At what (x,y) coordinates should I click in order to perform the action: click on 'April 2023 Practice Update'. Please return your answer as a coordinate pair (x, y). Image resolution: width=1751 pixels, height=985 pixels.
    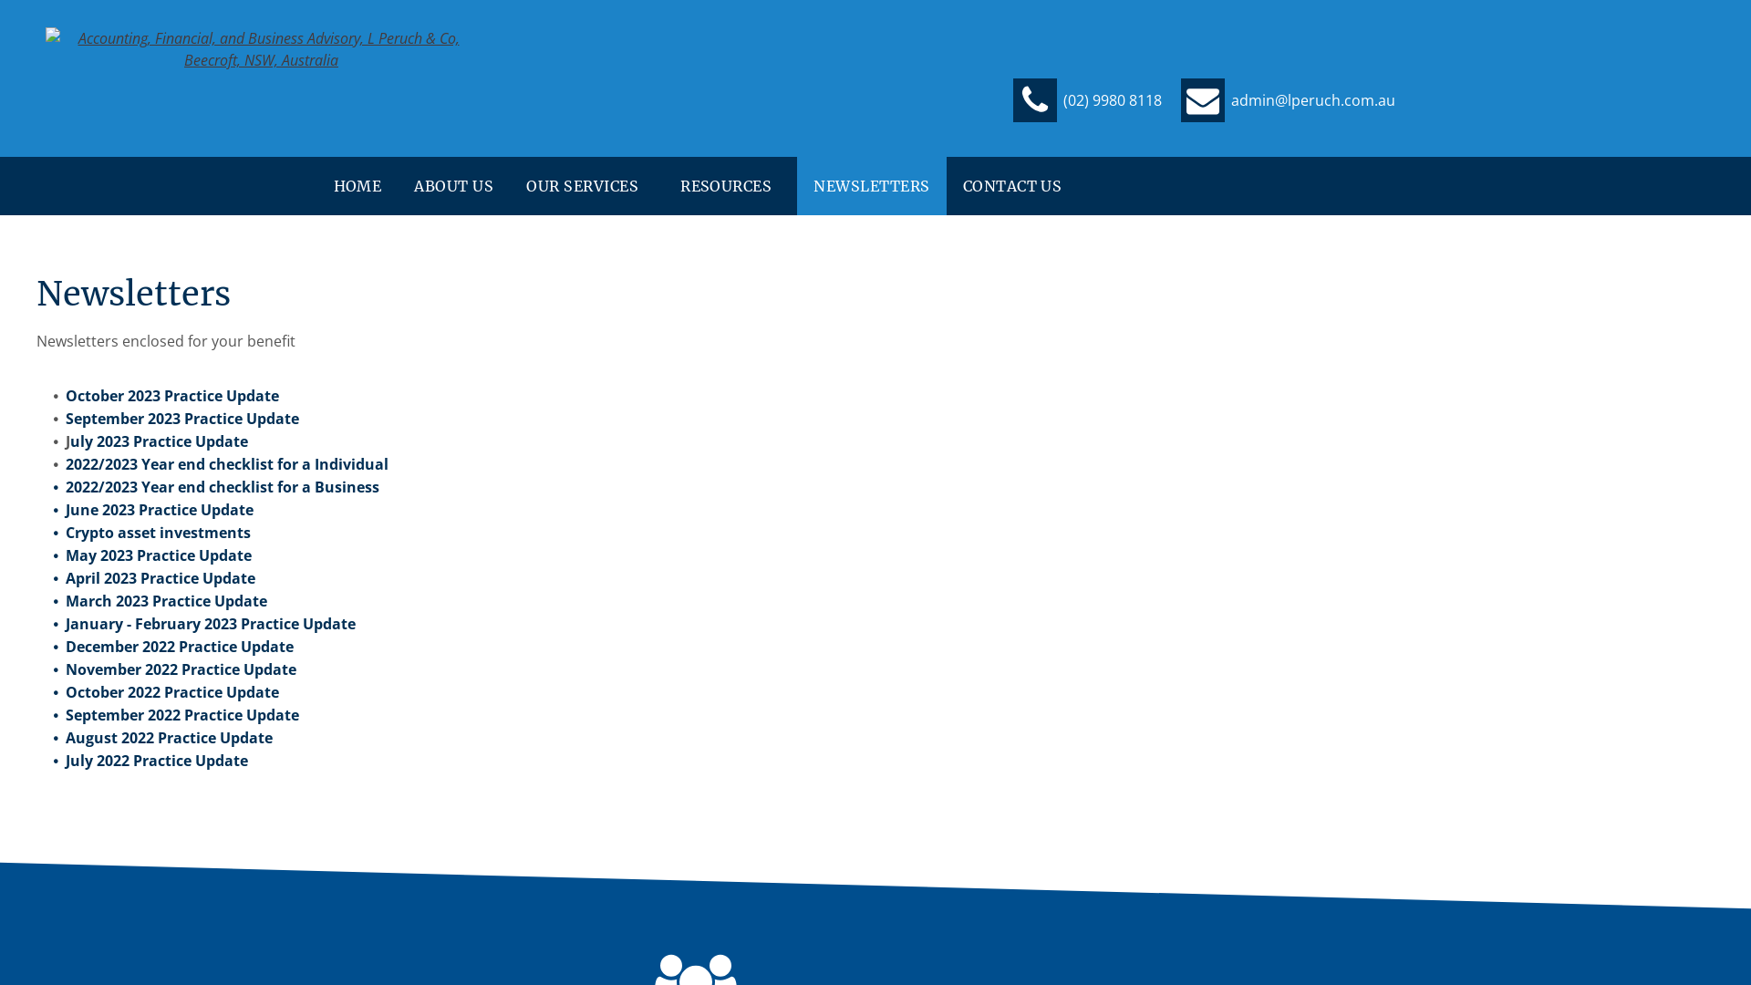
    Looking at the image, I should click on (161, 577).